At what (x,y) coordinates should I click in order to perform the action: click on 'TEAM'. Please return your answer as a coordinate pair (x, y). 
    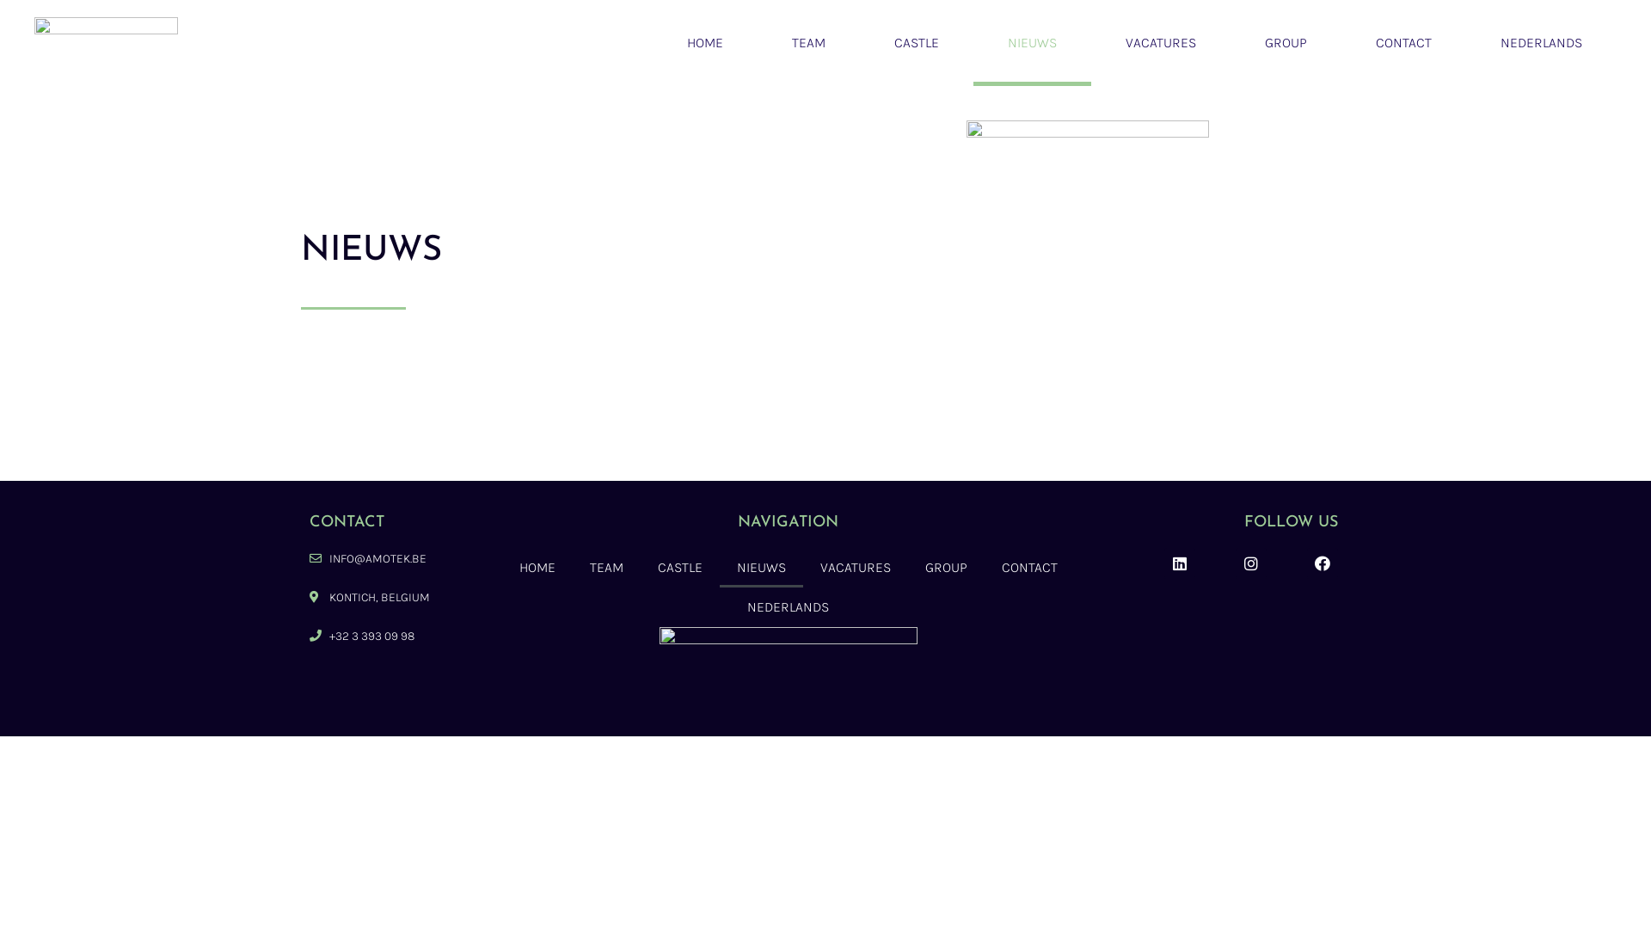
    Looking at the image, I should click on (807, 42).